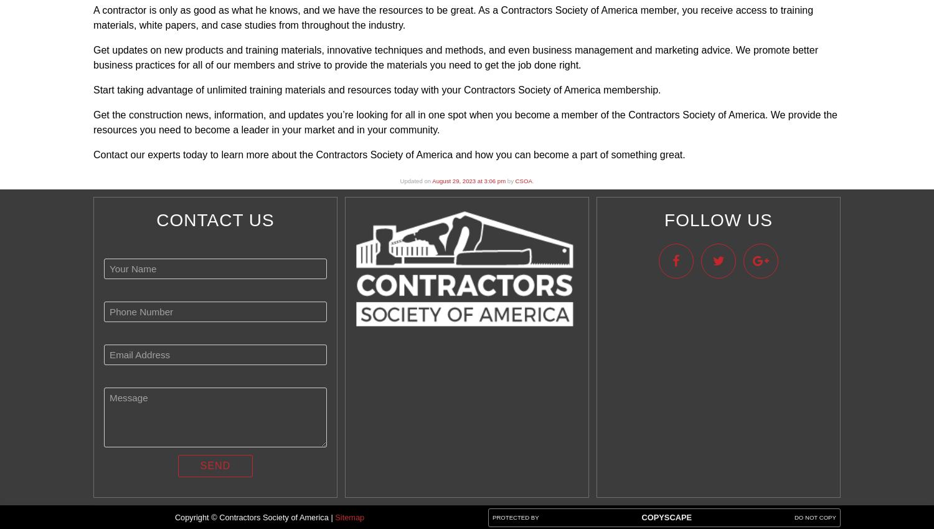 The width and height of the screenshot is (934, 529). Describe the element at coordinates (718, 220) in the screenshot. I see `'Follow Us'` at that location.